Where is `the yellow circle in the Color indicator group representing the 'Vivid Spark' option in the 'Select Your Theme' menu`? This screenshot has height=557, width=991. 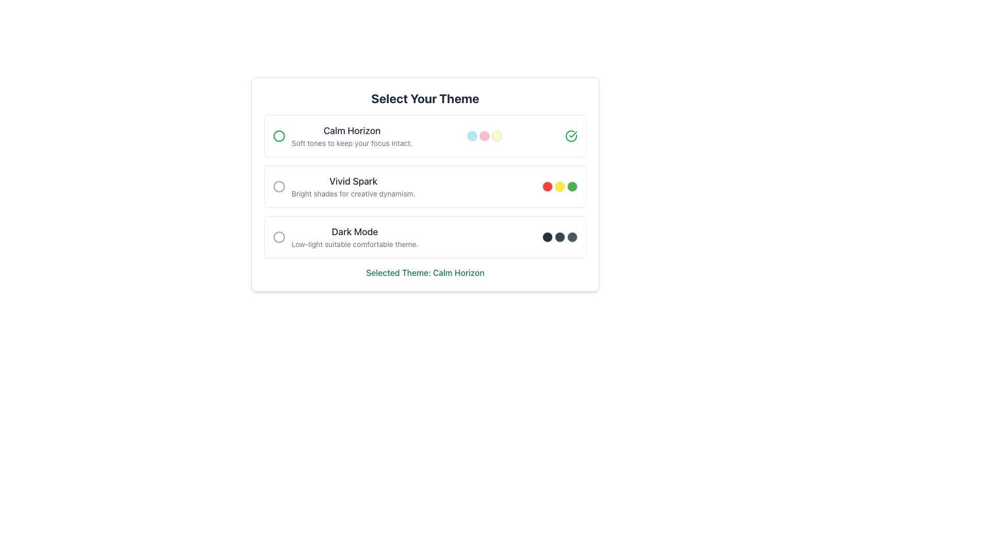 the yellow circle in the Color indicator group representing the 'Vivid Spark' option in the 'Select Your Theme' menu is located at coordinates (559, 187).